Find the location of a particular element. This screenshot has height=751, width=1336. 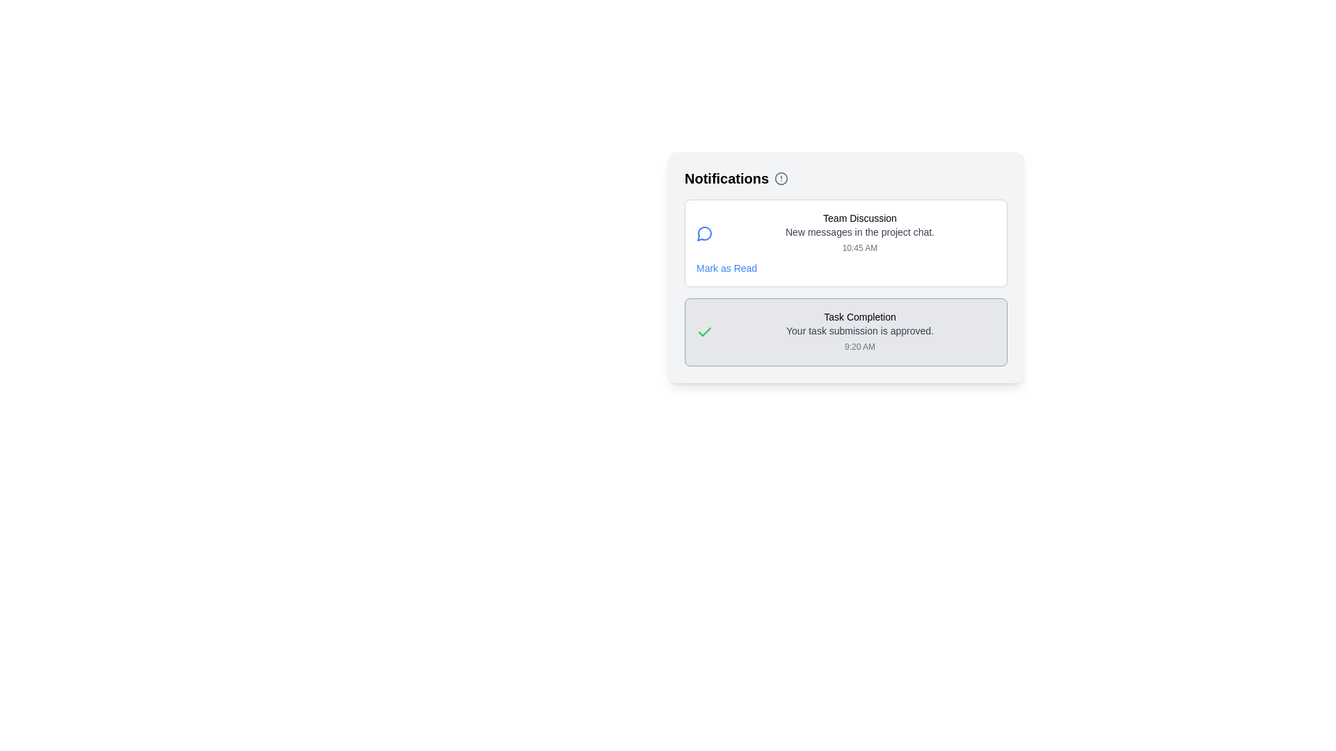

the Notification card that contains the title 'Task Completion', which is the second card in the notifications panel is located at coordinates (845, 332).